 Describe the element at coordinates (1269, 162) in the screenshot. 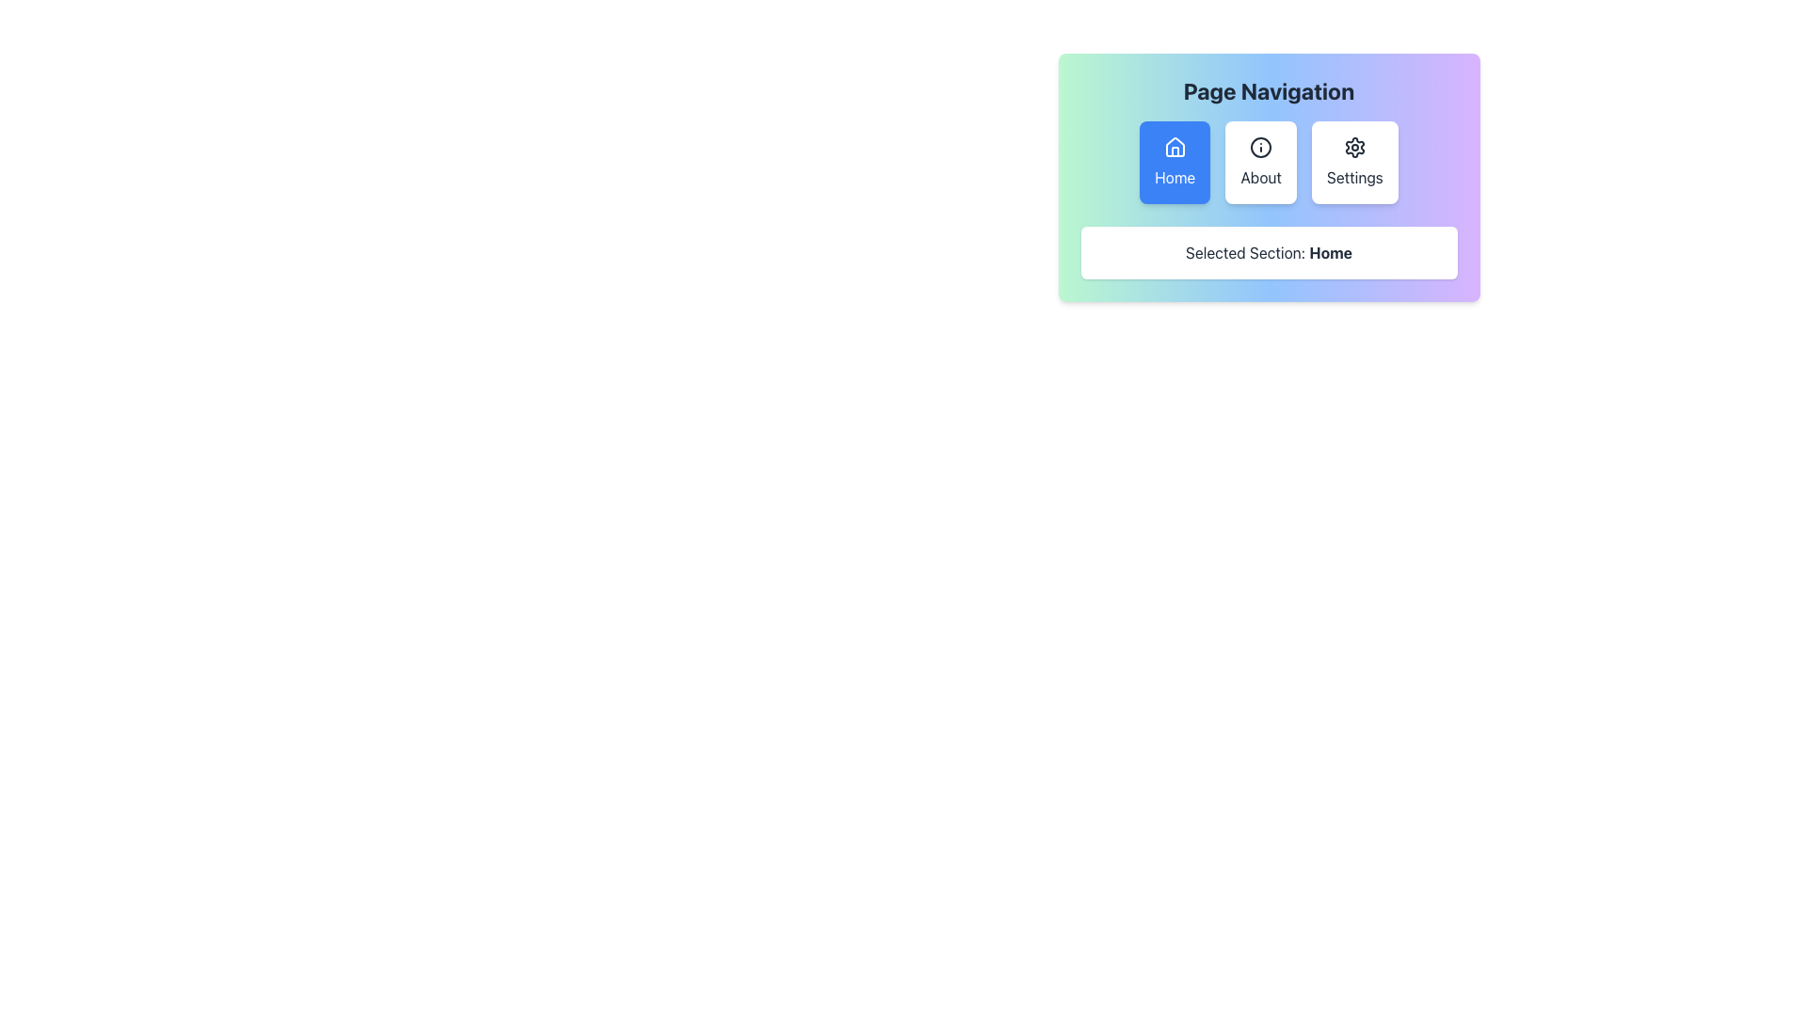

I see `the Horizontal Navigation Bar to enable keyboard navigation for sections 'Home', 'About', and 'Settings'` at that location.